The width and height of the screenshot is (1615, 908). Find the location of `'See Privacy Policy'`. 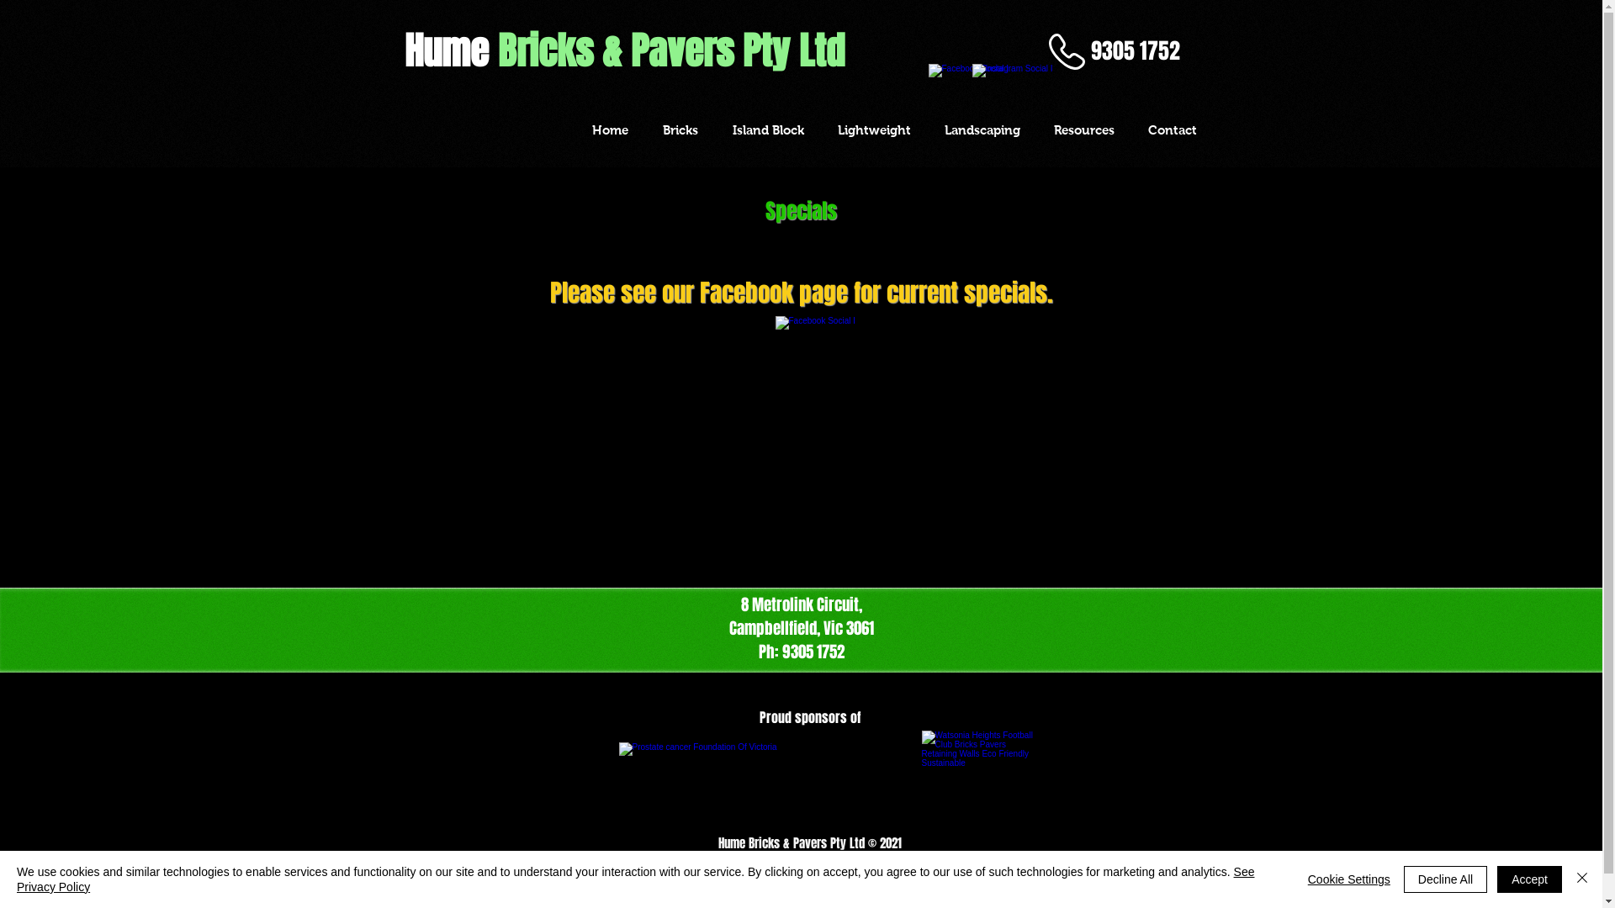

'See Privacy Policy' is located at coordinates (16, 878).